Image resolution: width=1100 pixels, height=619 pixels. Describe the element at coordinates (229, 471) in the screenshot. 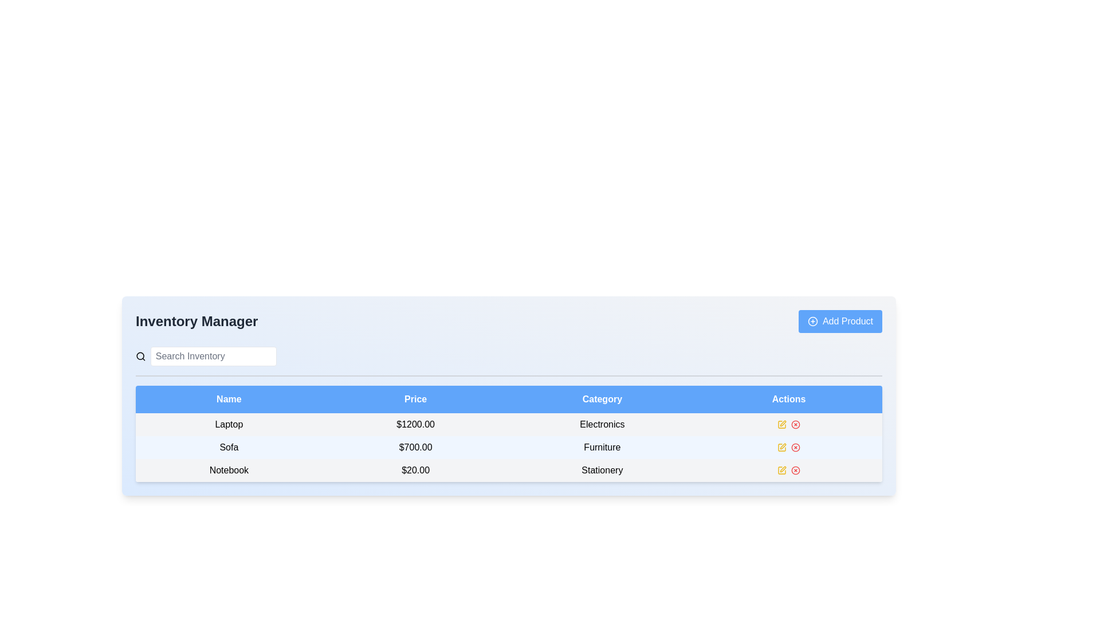

I see `the text label displaying 'Notebook' located in the 'Name' column of the third row under 'Inventory Manager.'` at that location.